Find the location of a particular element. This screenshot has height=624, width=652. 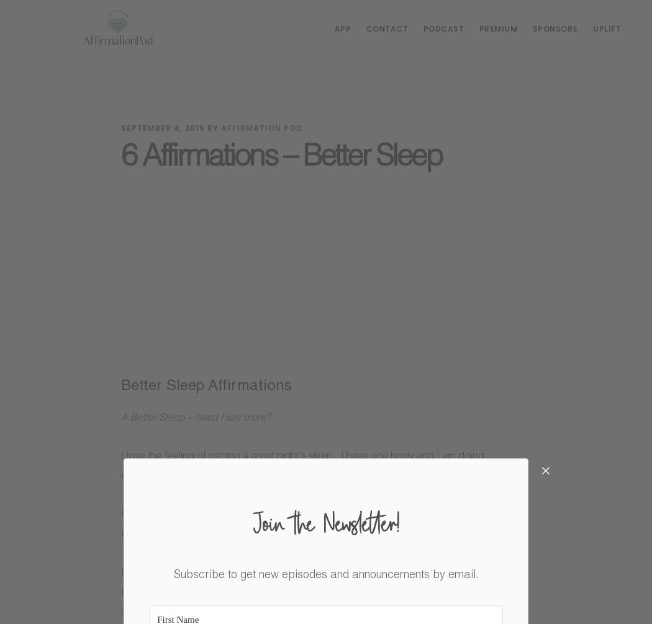

'App' is located at coordinates (342, 29).